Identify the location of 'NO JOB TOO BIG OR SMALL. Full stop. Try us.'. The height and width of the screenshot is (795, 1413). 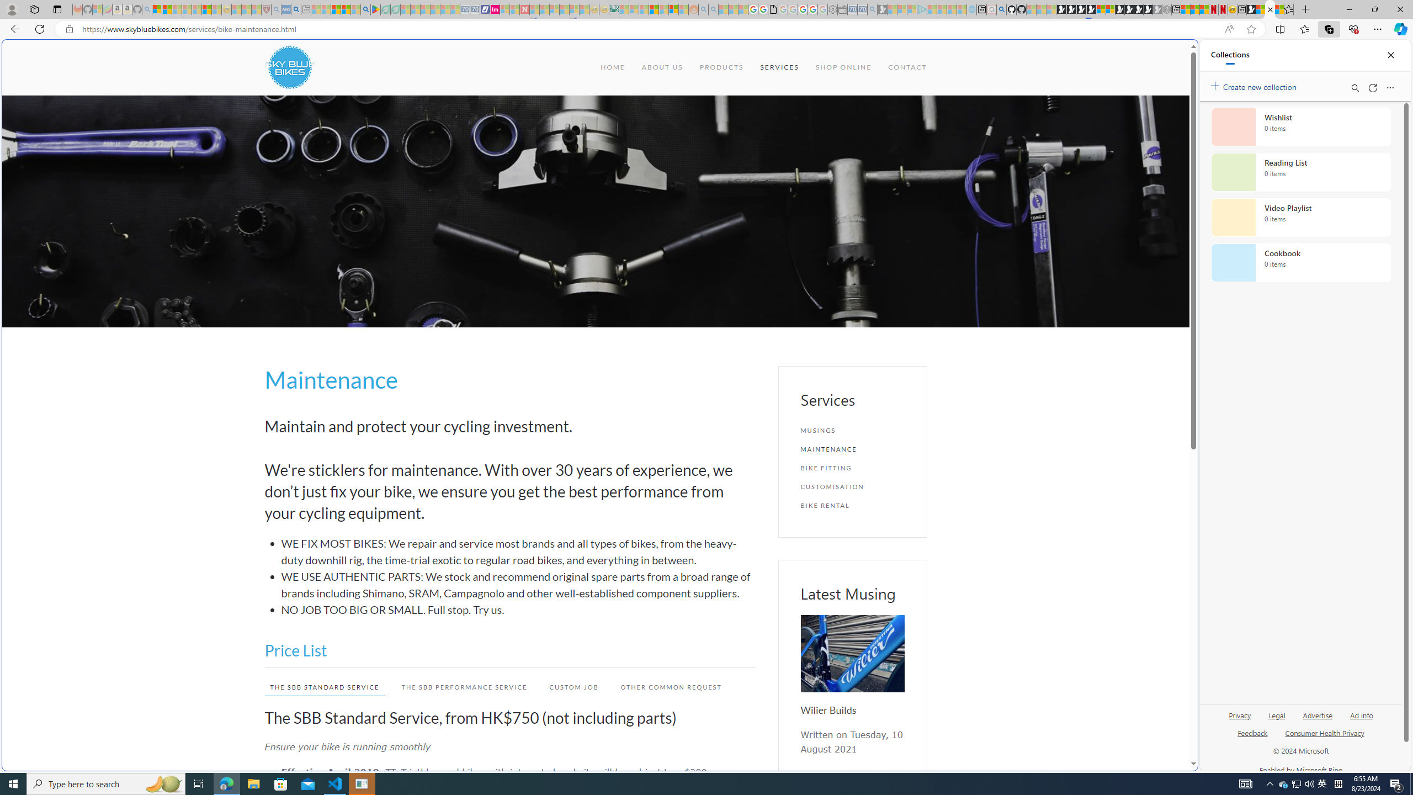
(518, 609).